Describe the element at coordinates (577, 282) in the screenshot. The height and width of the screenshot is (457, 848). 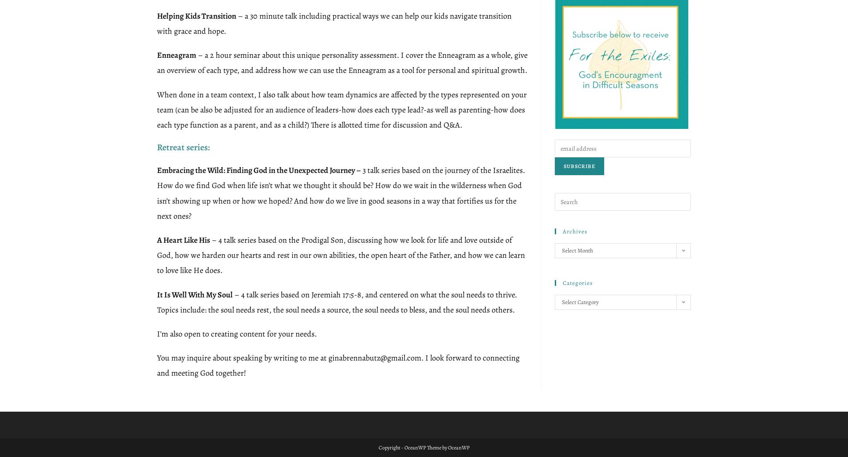
I see `'Categories'` at that location.